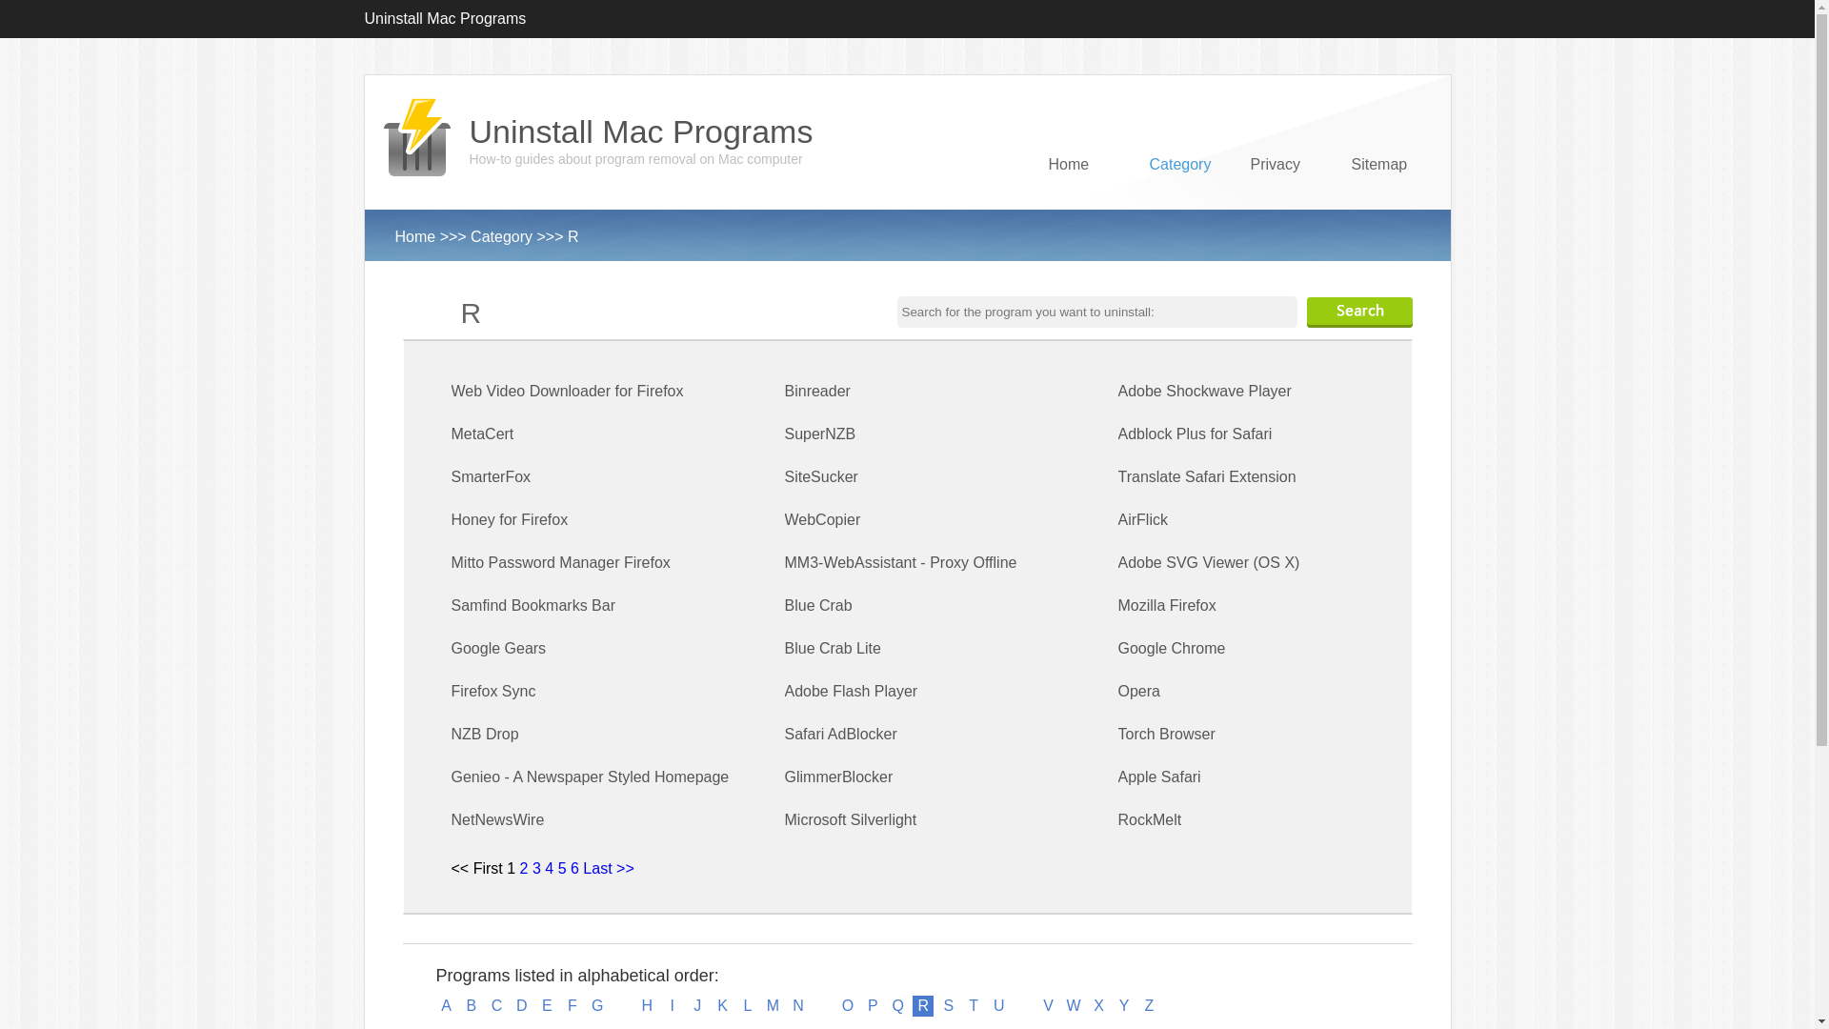 This screenshot has width=1829, height=1029. What do you see at coordinates (840, 733) in the screenshot?
I see `'Safari AdBlocker'` at bounding box center [840, 733].